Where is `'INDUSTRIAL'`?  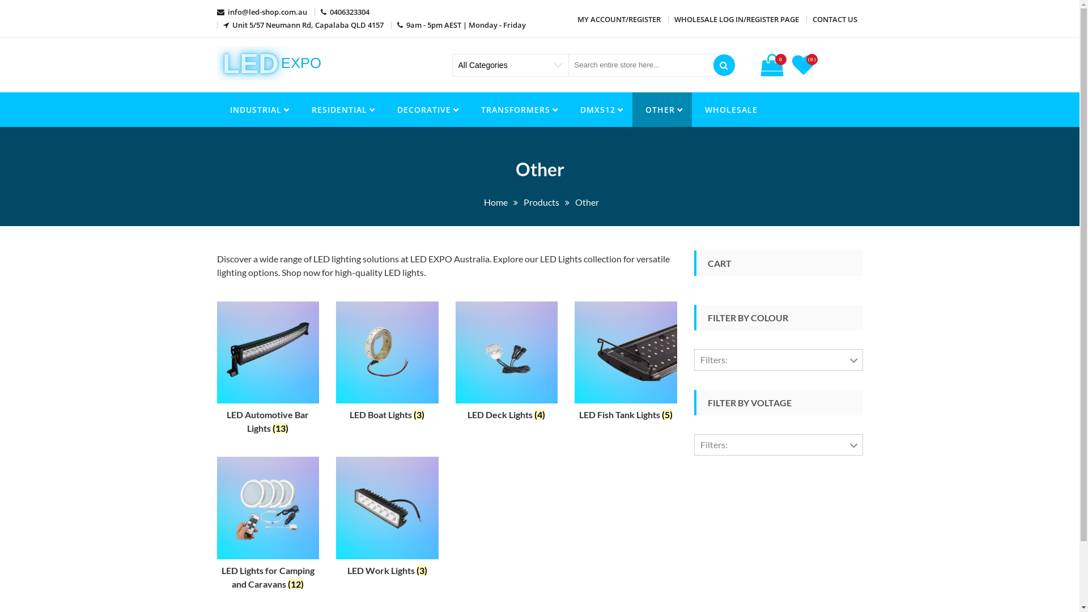
'INDUSTRIAL' is located at coordinates (216, 109).